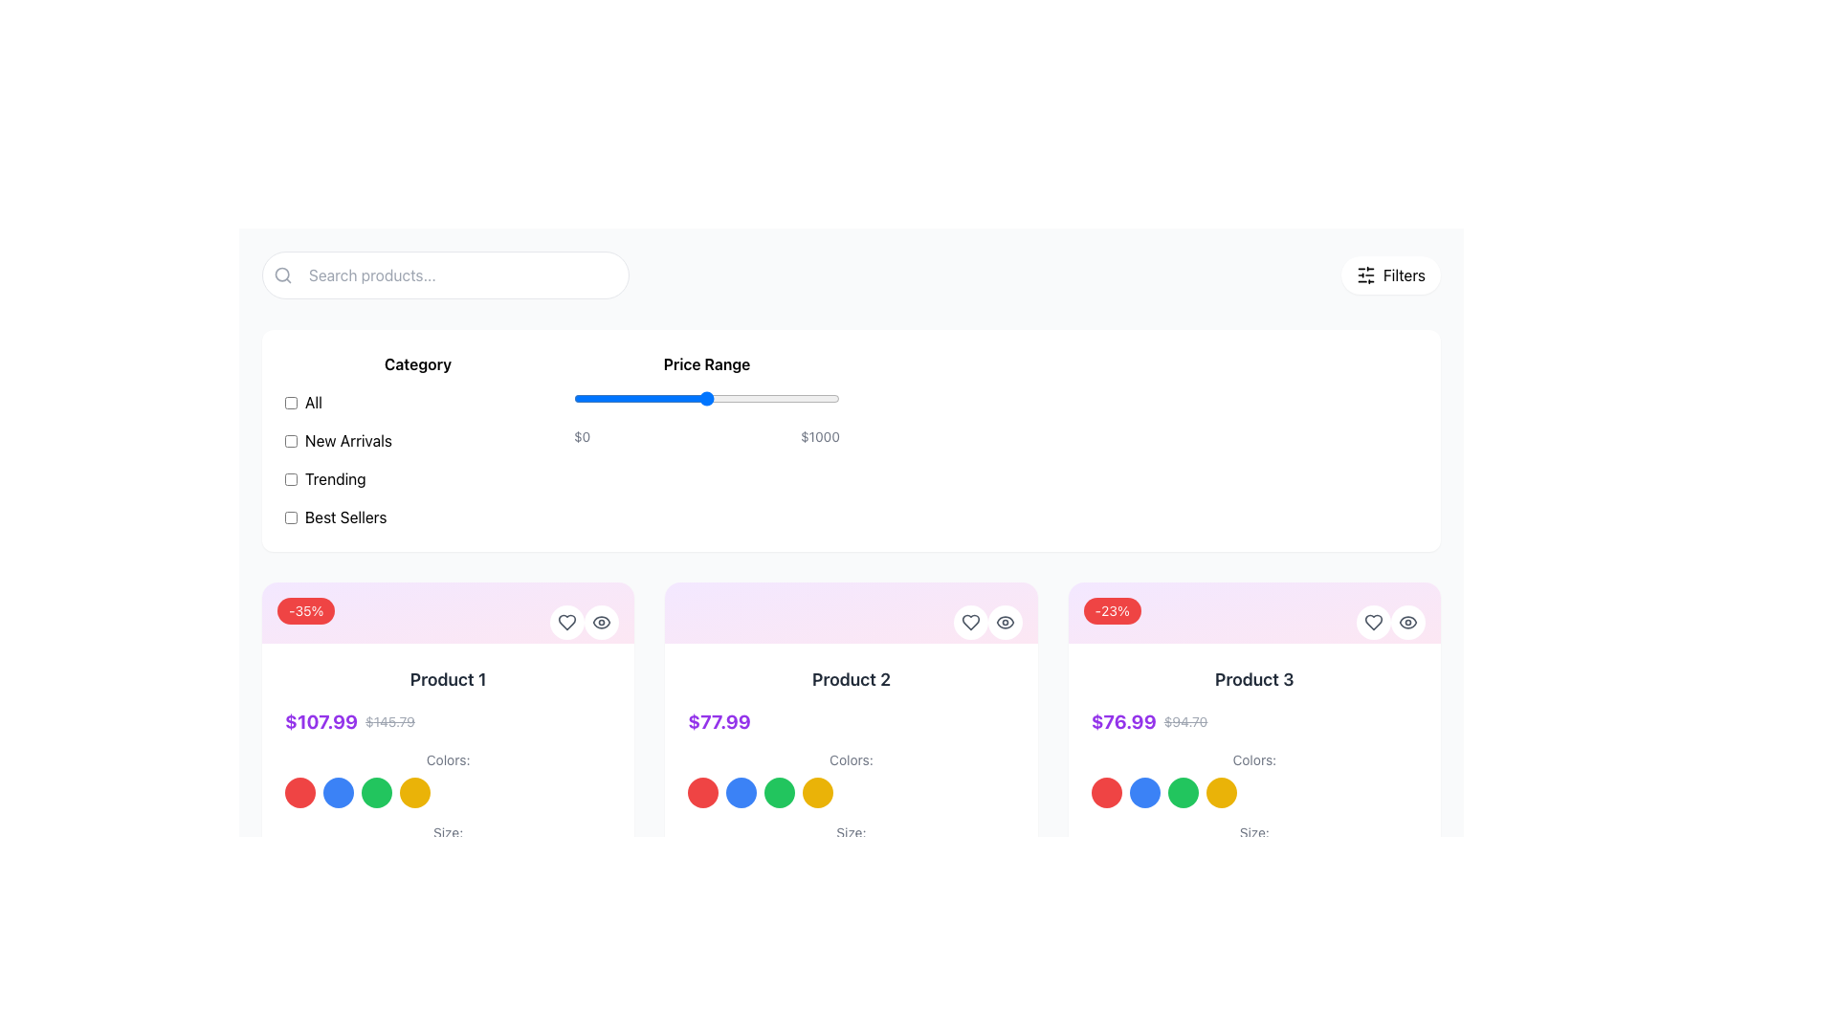 The image size is (1837, 1033). I want to click on the price range, so click(656, 397).